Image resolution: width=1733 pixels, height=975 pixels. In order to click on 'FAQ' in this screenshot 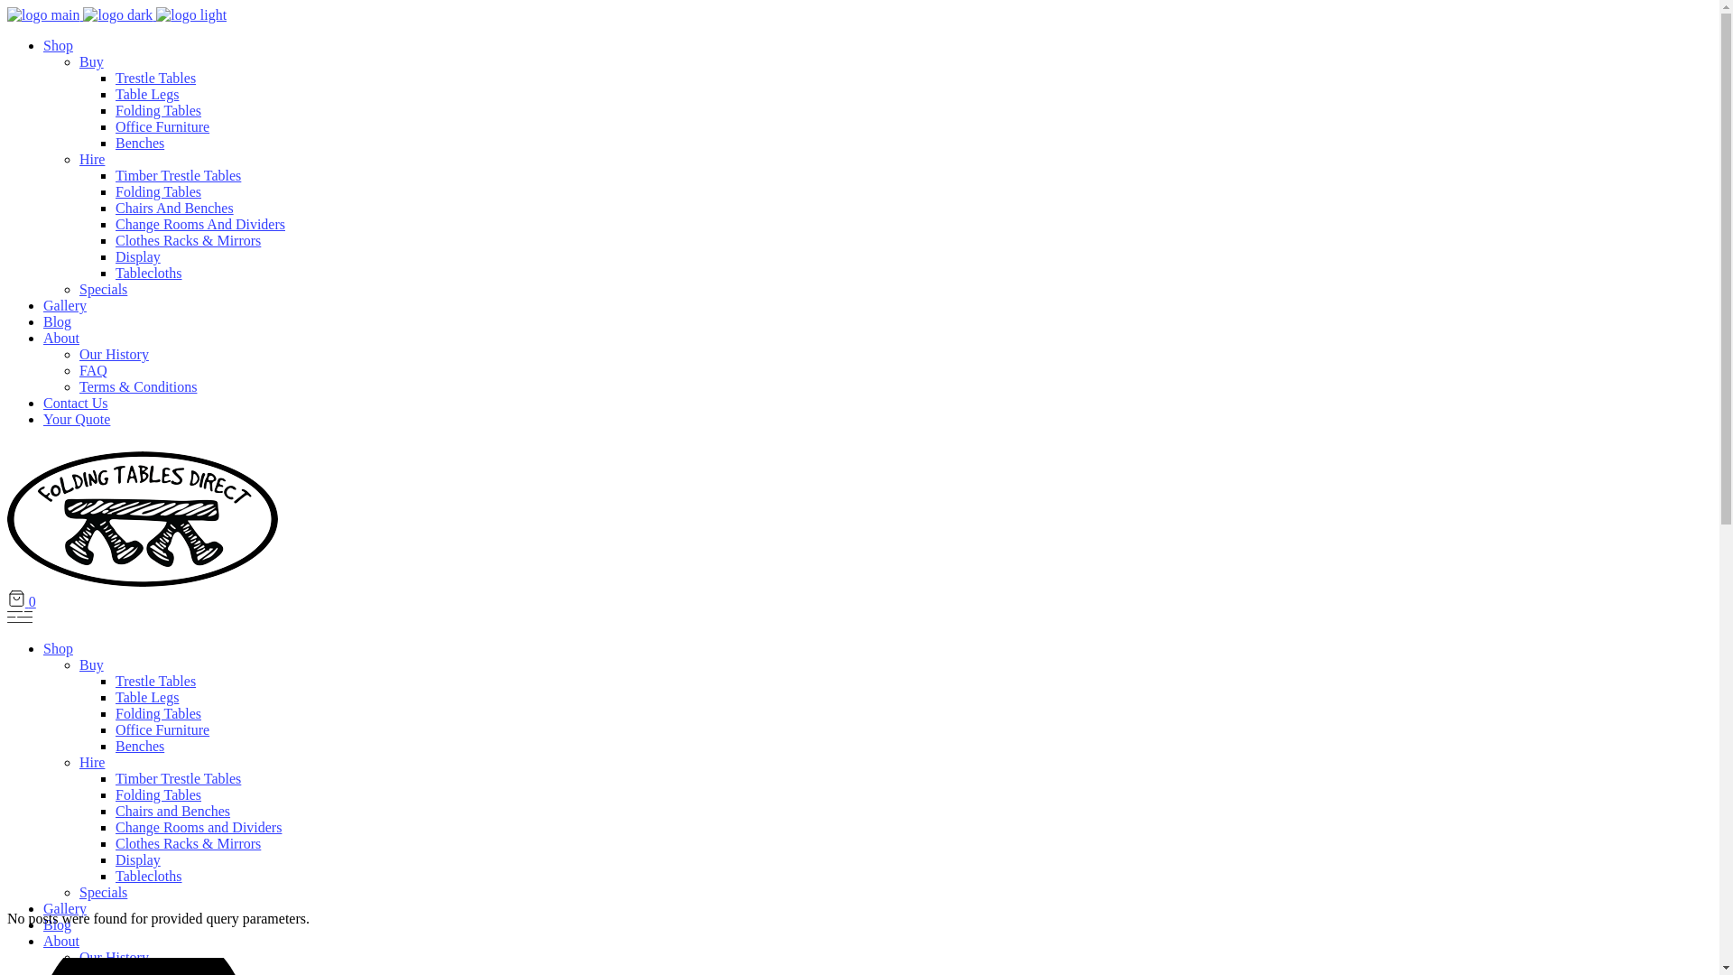, I will do `click(78, 369)`.